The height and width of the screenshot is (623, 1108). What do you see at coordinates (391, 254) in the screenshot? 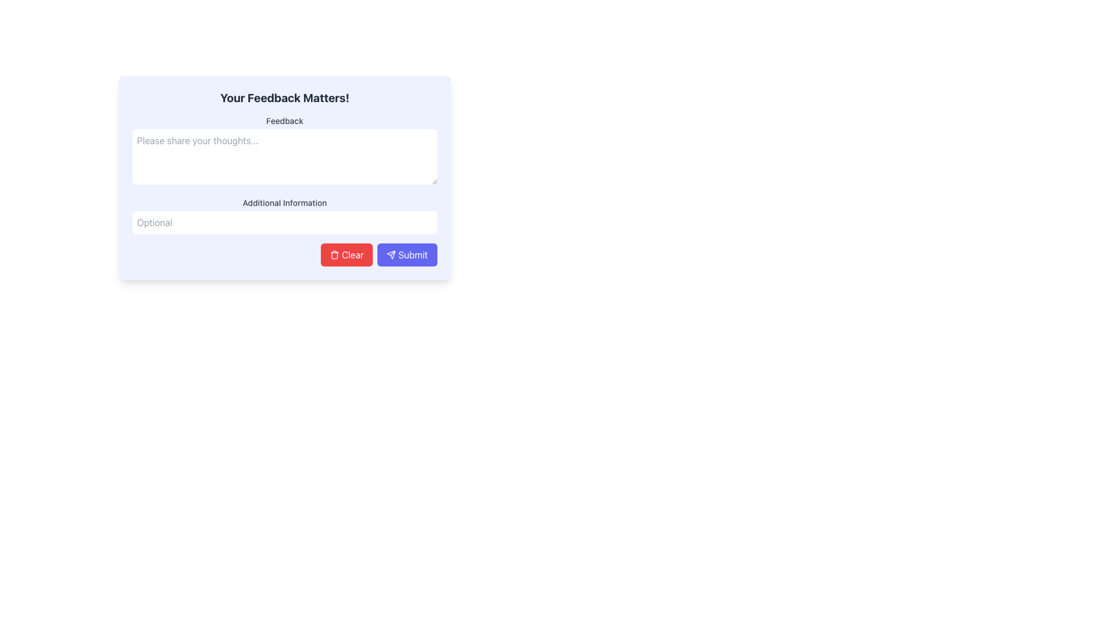
I see `the vector graphic icon located within the 'Submit' button, positioned to the left of the 'Submit' label, which visually indicates the submit functionality` at bounding box center [391, 254].